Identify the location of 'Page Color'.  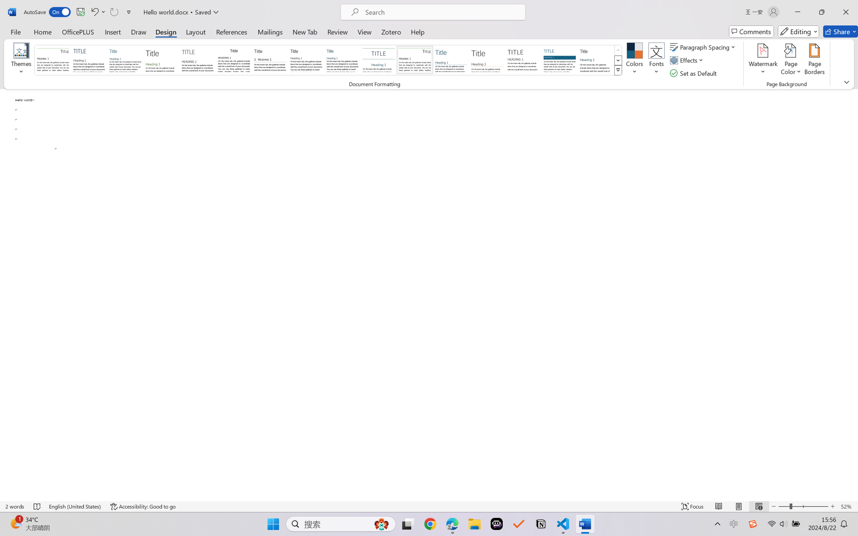
(791, 60).